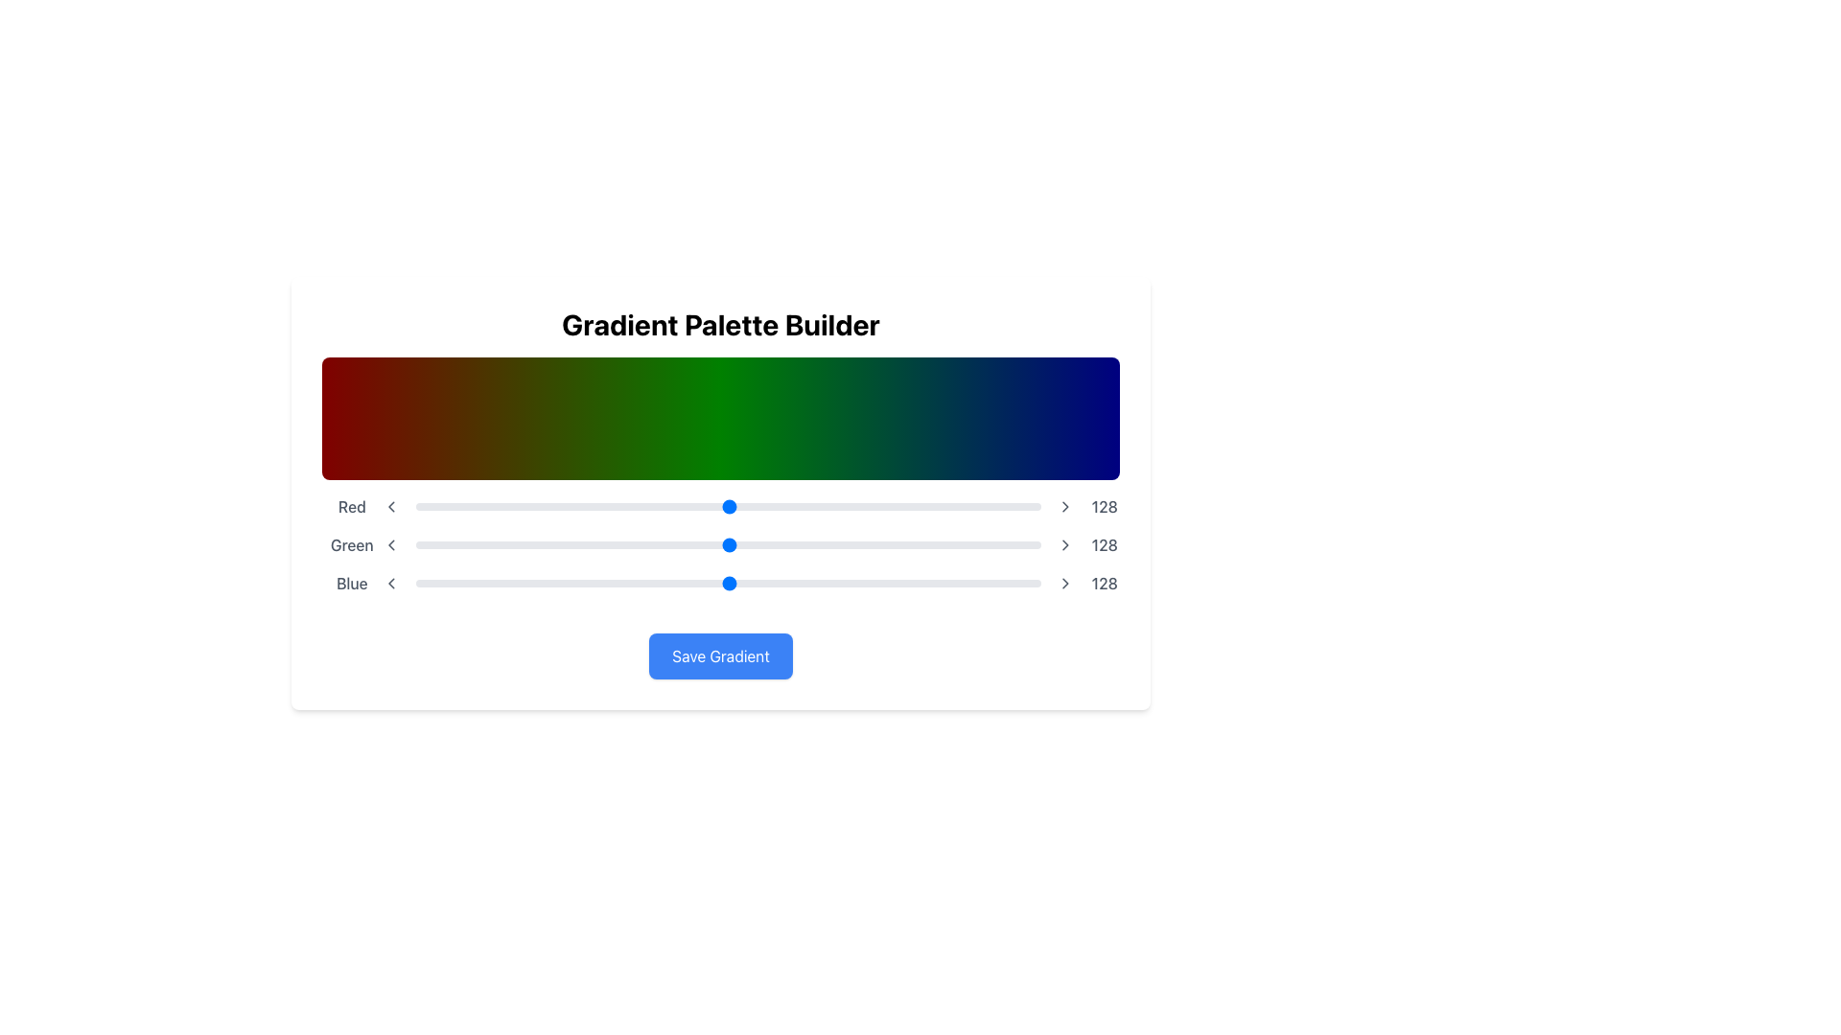 The height and width of the screenshot is (1035, 1841). I want to click on the blue color intensity, so click(683, 579).